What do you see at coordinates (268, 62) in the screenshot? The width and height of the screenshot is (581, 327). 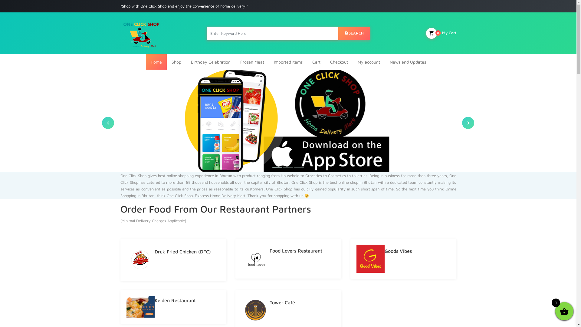 I see `'Imported Items'` at bounding box center [268, 62].